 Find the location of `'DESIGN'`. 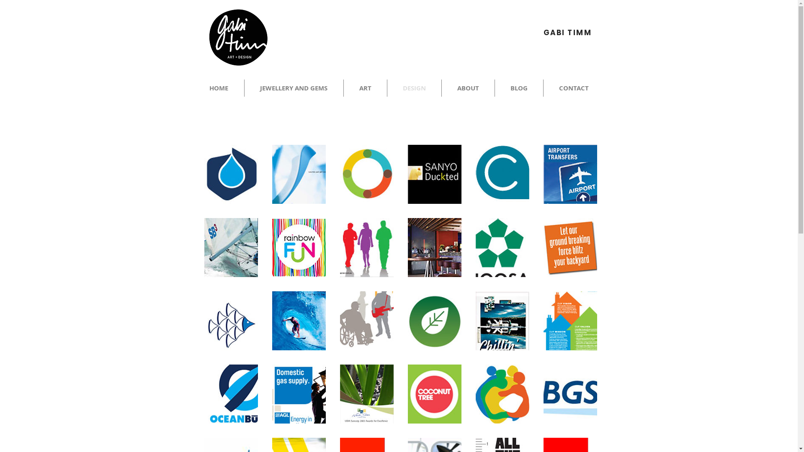

'DESIGN' is located at coordinates (414, 88).